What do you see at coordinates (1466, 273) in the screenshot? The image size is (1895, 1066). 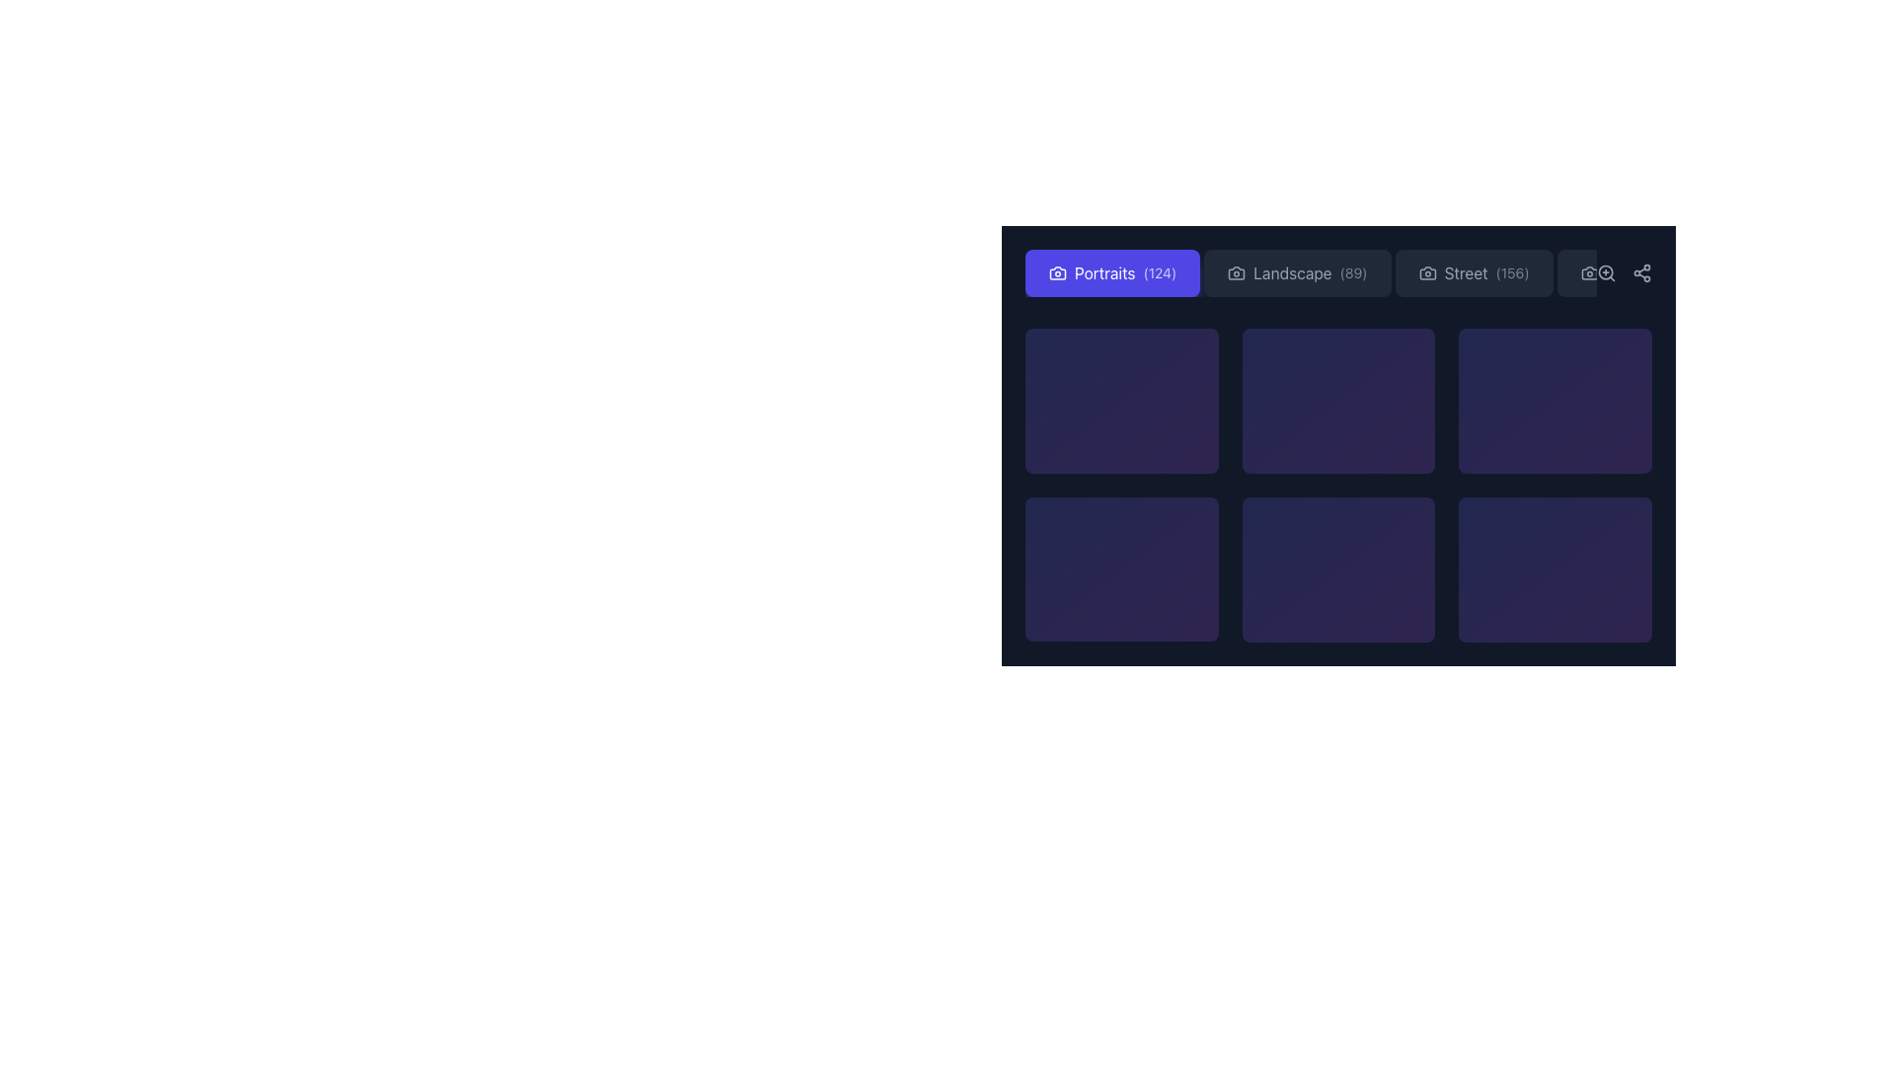 I see `the 'Street' text label located in the top-right section of the UI, styled in a consistent font and neutral color scheme` at bounding box center [1466, 273].